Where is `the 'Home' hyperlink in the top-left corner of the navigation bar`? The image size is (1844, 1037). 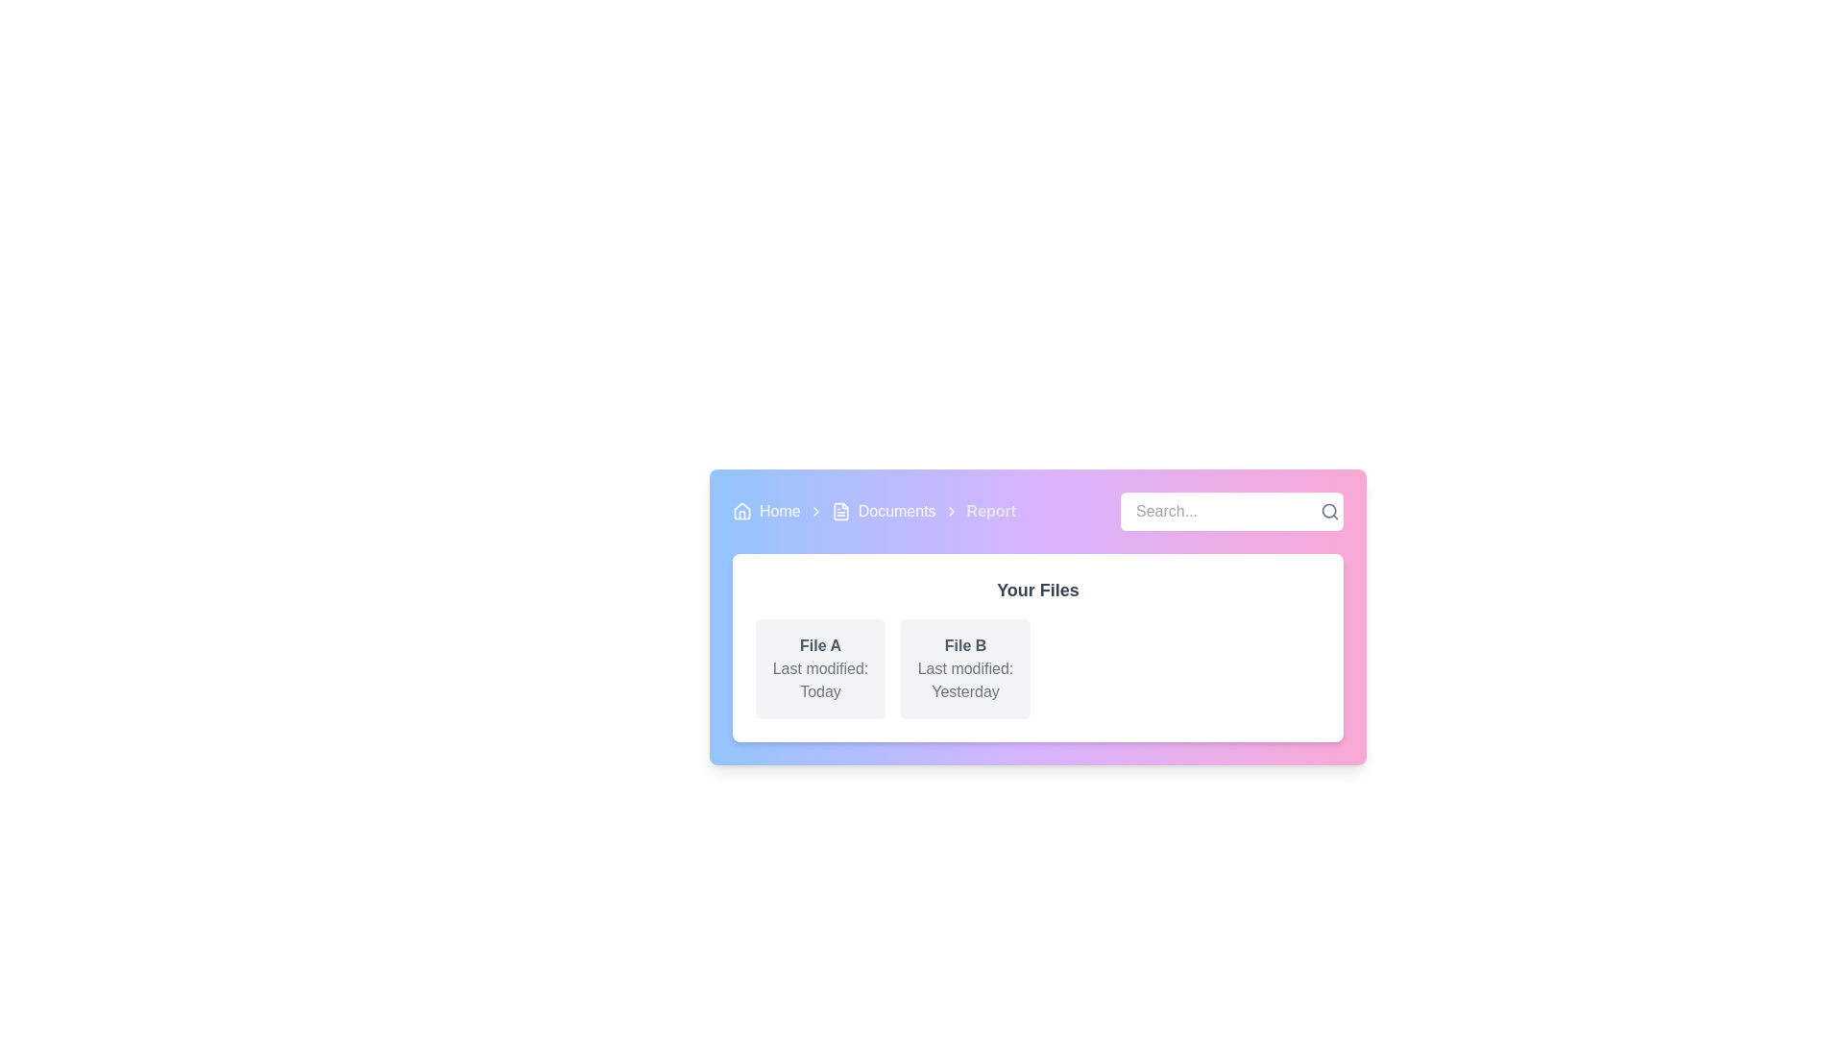 the 'Home' hyperlink in the top-left corner of the navigation bar is located at coordinates (765, 510).